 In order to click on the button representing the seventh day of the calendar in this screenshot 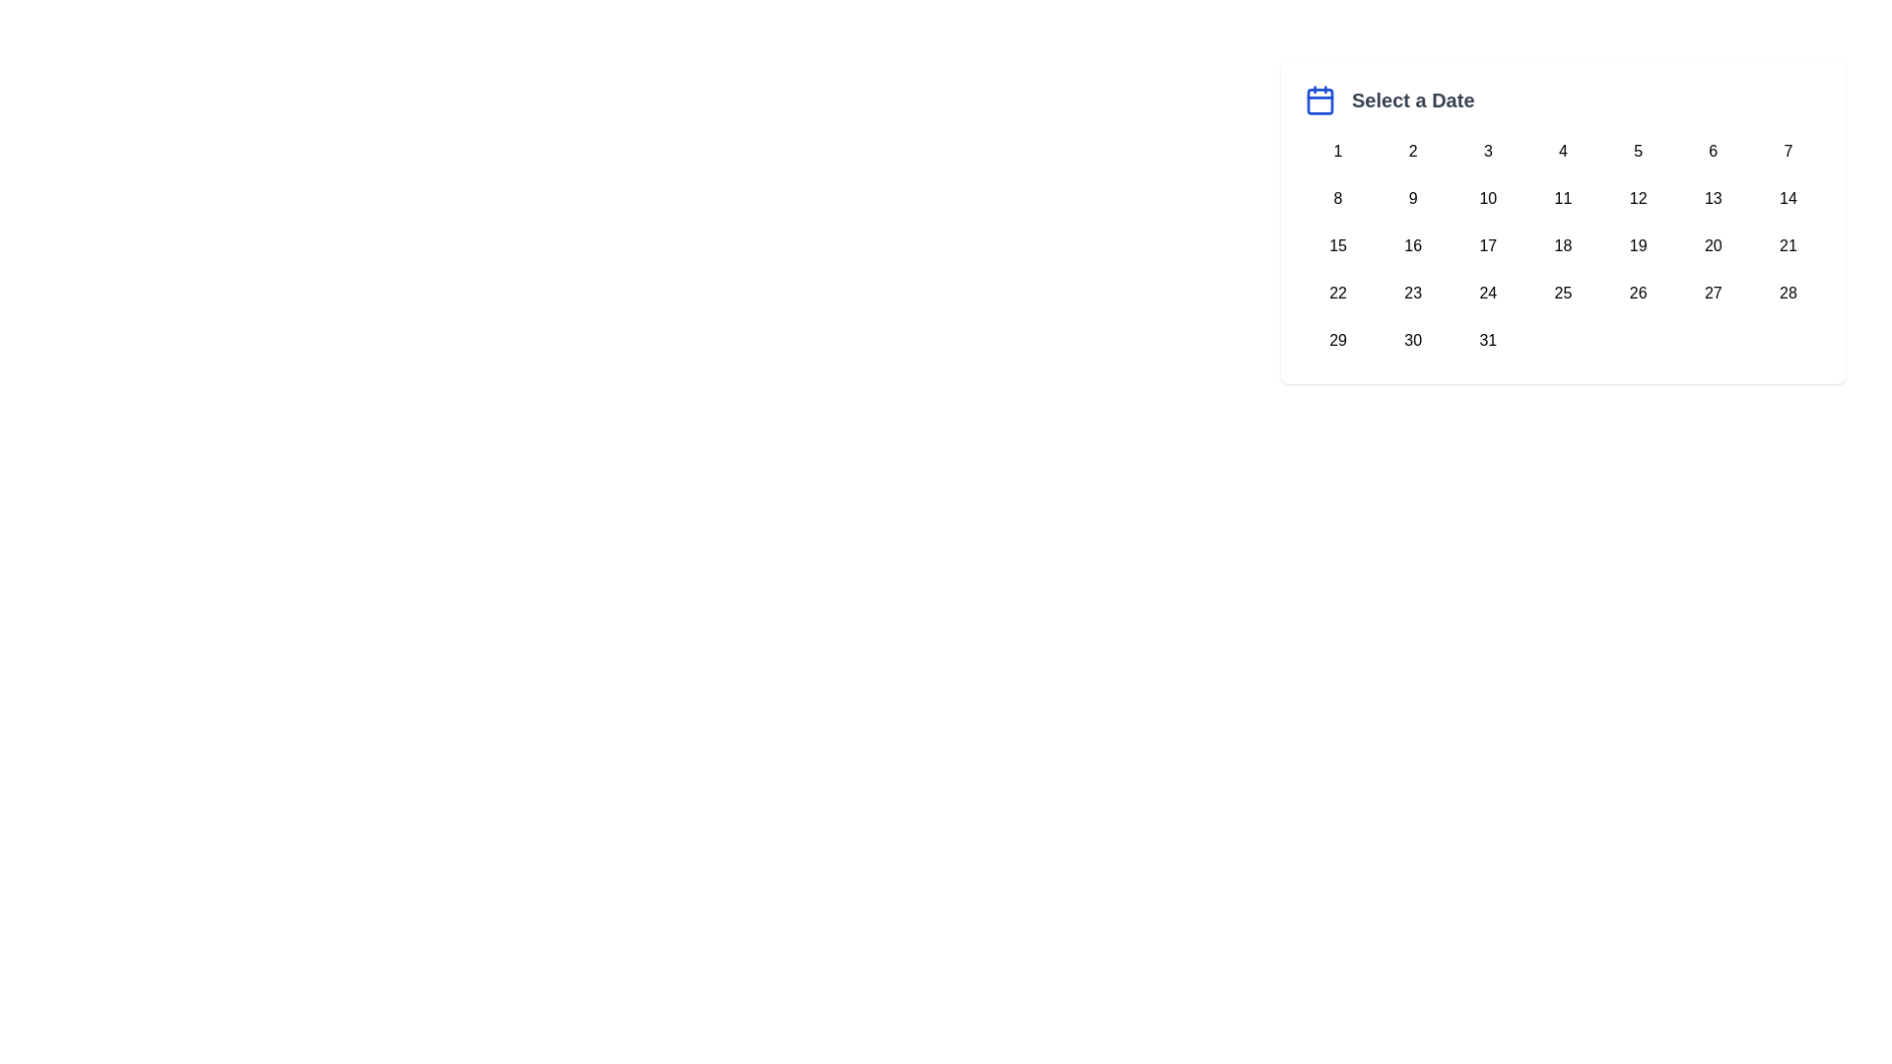, I will do `click(1788, 151)`.